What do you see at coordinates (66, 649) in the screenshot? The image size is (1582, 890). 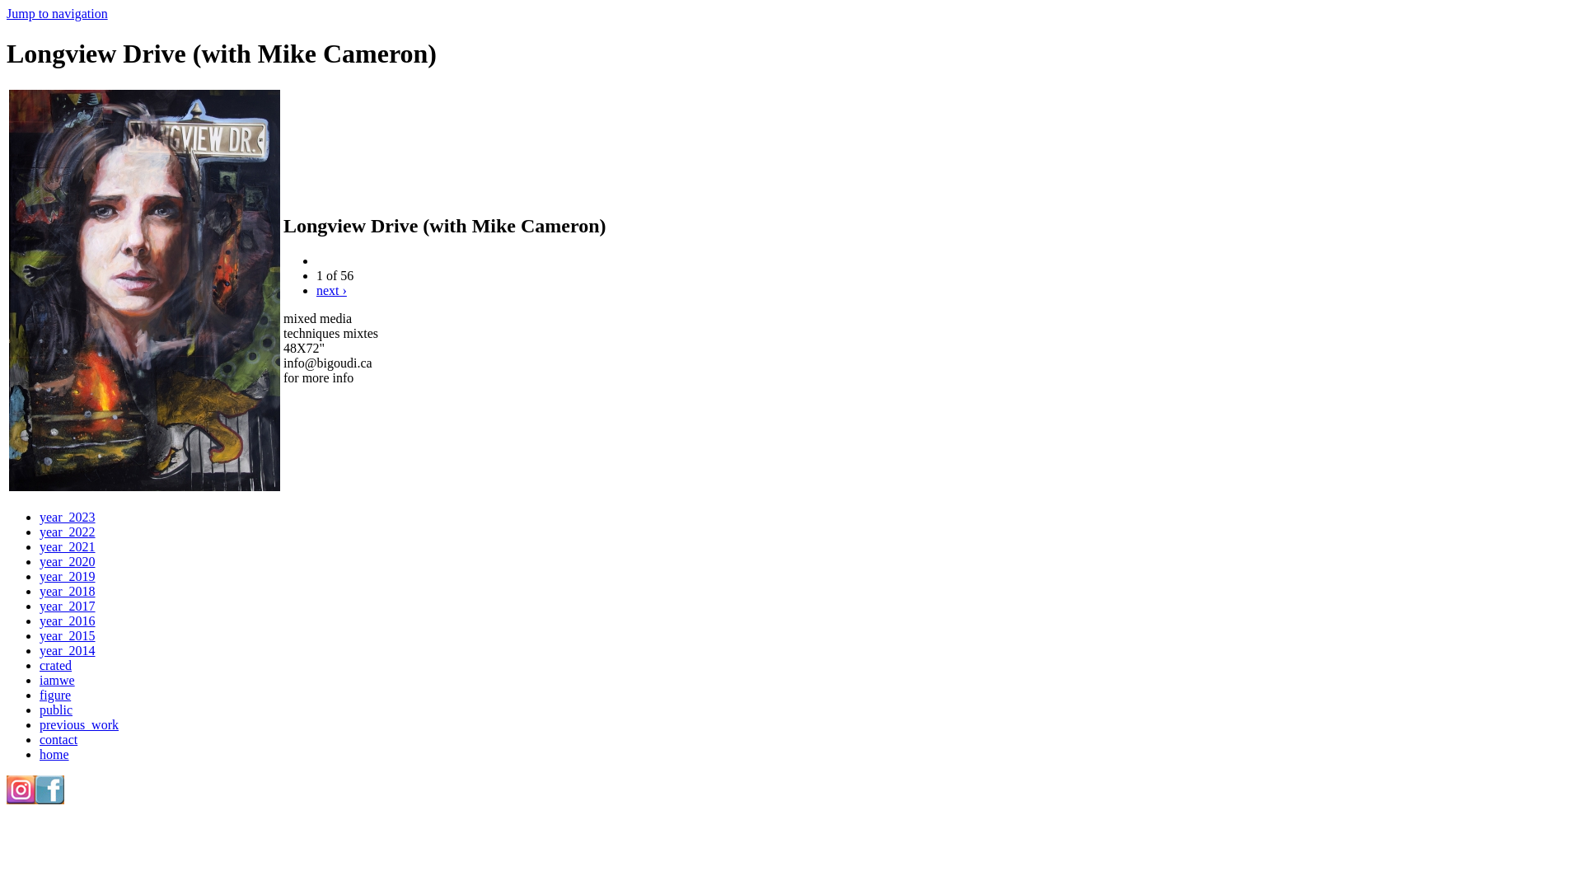 I see `'year_2014'` at bounding box center [66, 649].